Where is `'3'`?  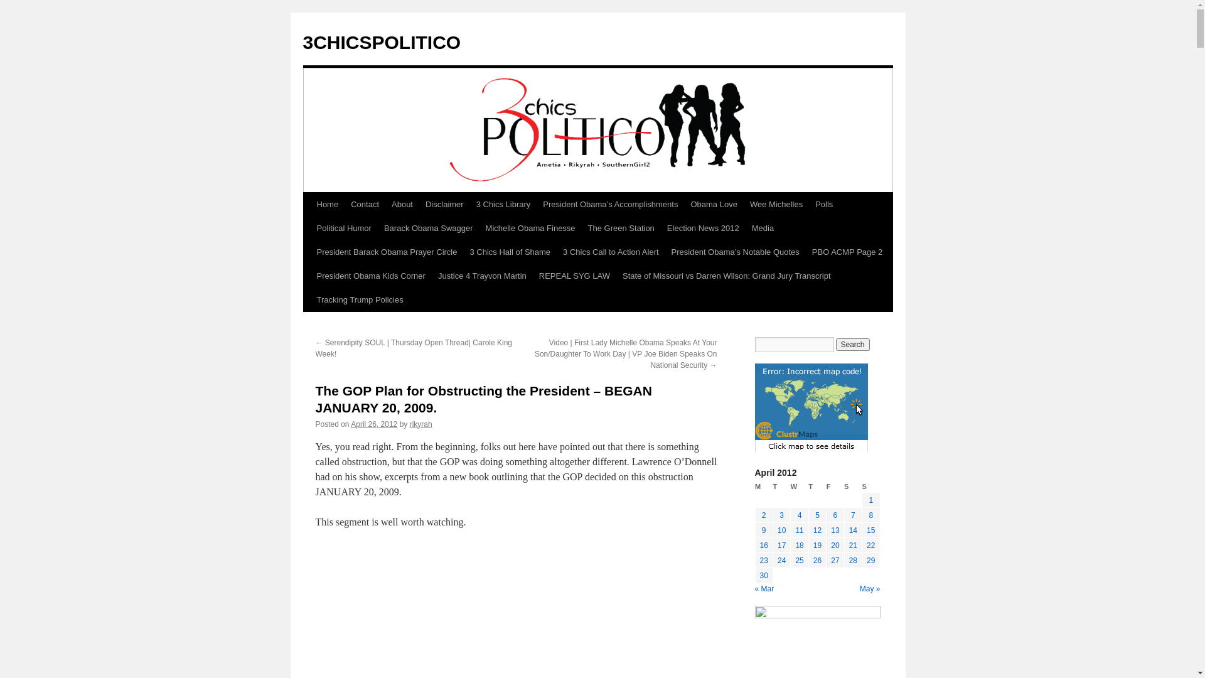
'3' is located at coordinates (781, 515).